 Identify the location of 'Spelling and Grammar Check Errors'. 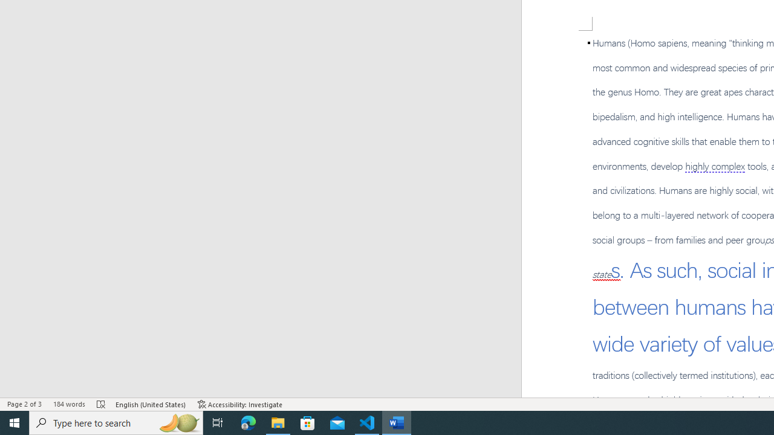
(102, 404).